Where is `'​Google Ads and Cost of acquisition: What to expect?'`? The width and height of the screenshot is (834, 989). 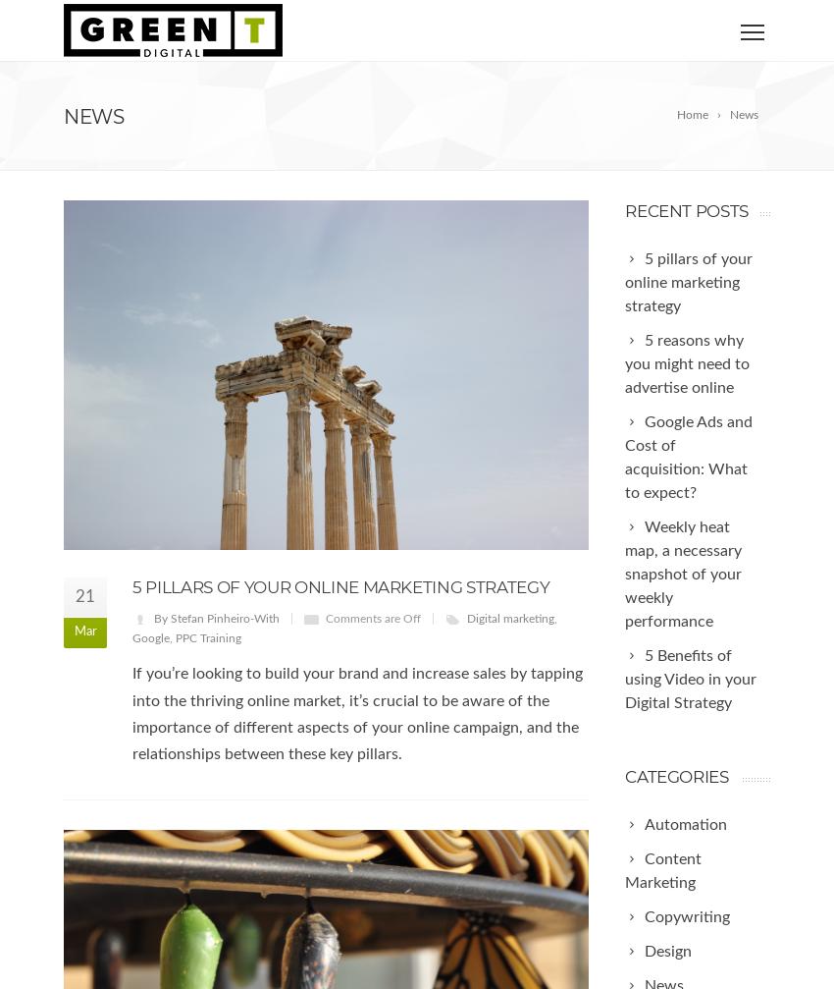 '​Google Ads and Cost of acquisition: What to expect?' is located at coordinates (688, 457).